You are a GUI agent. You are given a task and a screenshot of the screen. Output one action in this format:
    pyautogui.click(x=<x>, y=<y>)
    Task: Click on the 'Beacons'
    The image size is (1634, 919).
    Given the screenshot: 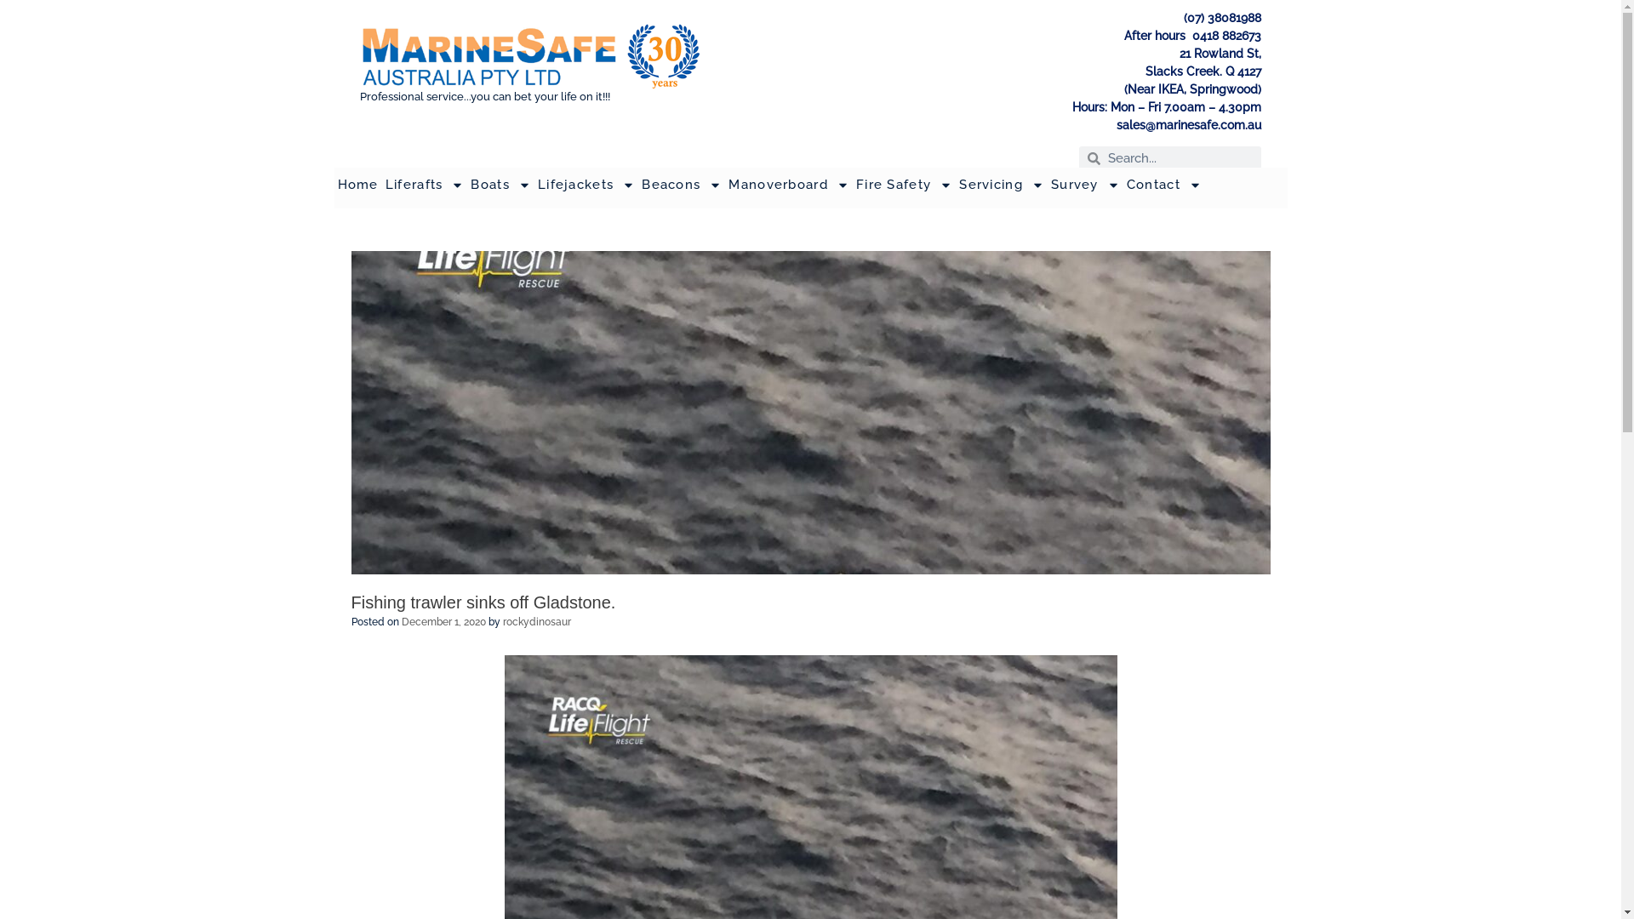 What is the action you would take?
    pyautogui.click(x=682, y=185)
    